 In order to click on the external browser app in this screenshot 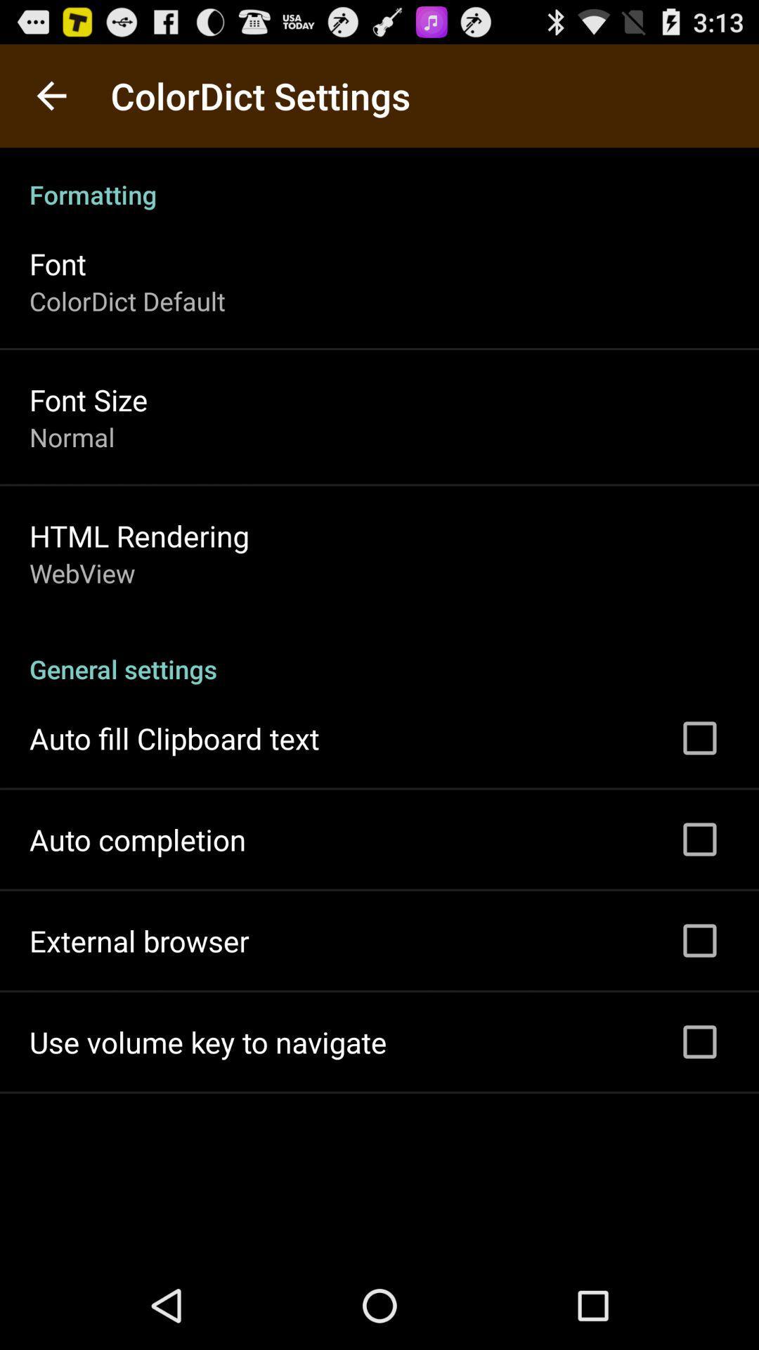, I will do `click(139, 941)`.